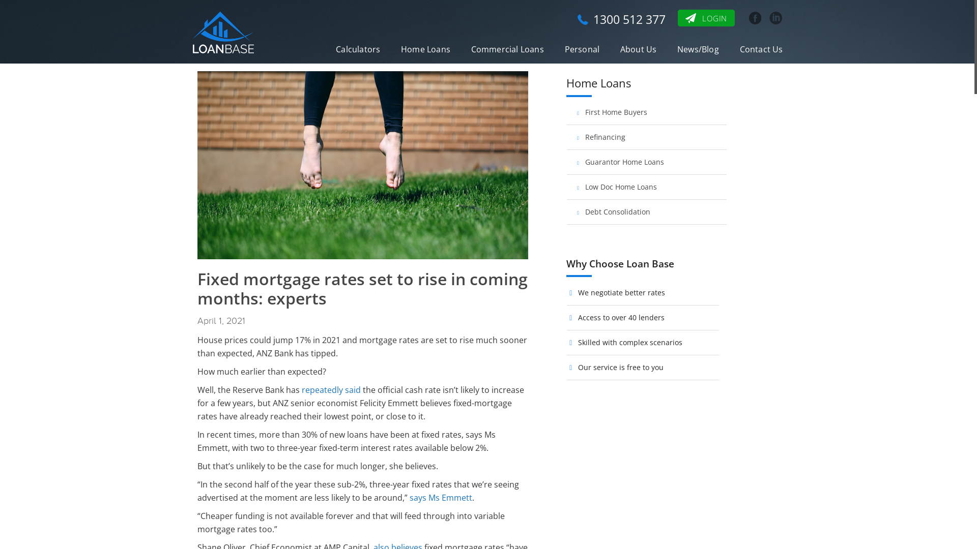  I want to click on 'repeatedly said', so click(330, 389).